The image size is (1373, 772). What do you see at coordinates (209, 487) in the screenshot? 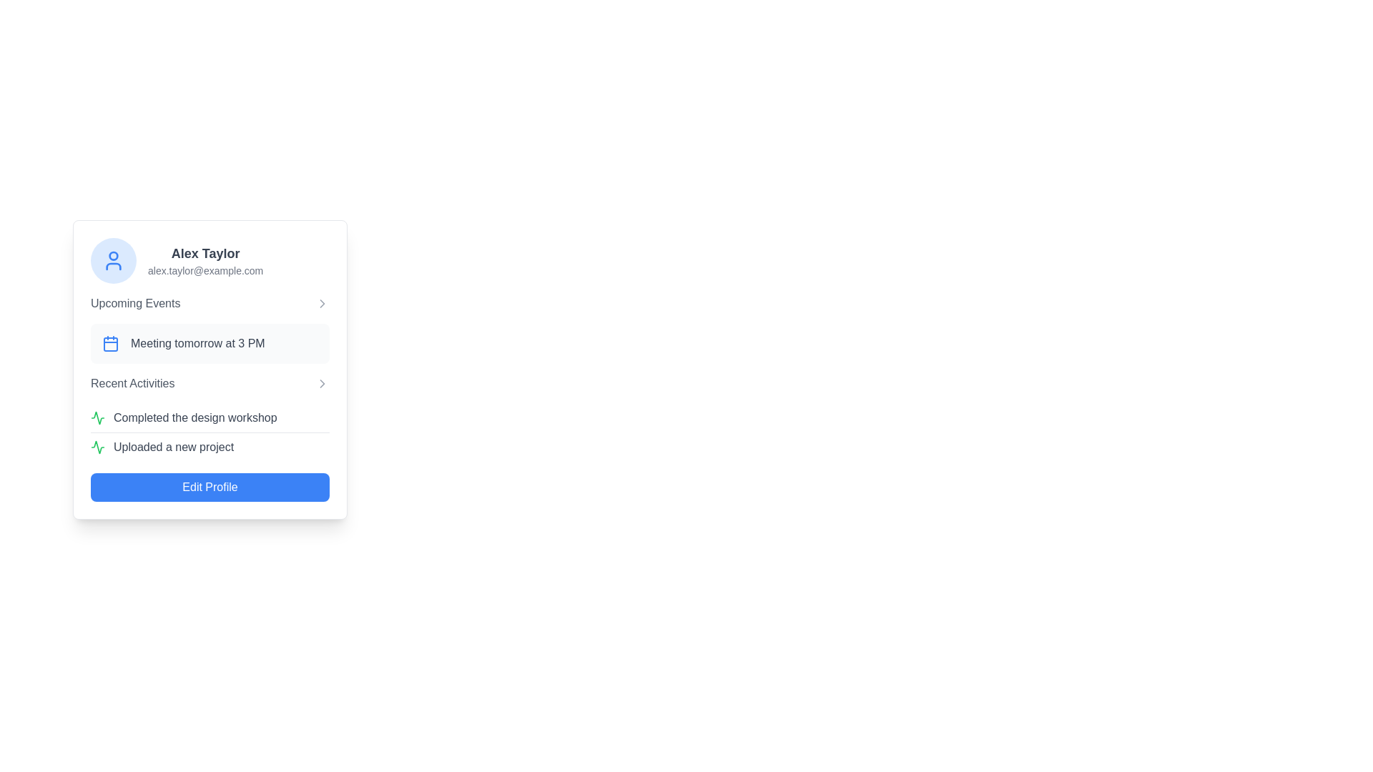
I see `the button located at the bottom of the card layout under the 'Recent Activities' section to initiate profile editing` at bounding box center [209, 487].